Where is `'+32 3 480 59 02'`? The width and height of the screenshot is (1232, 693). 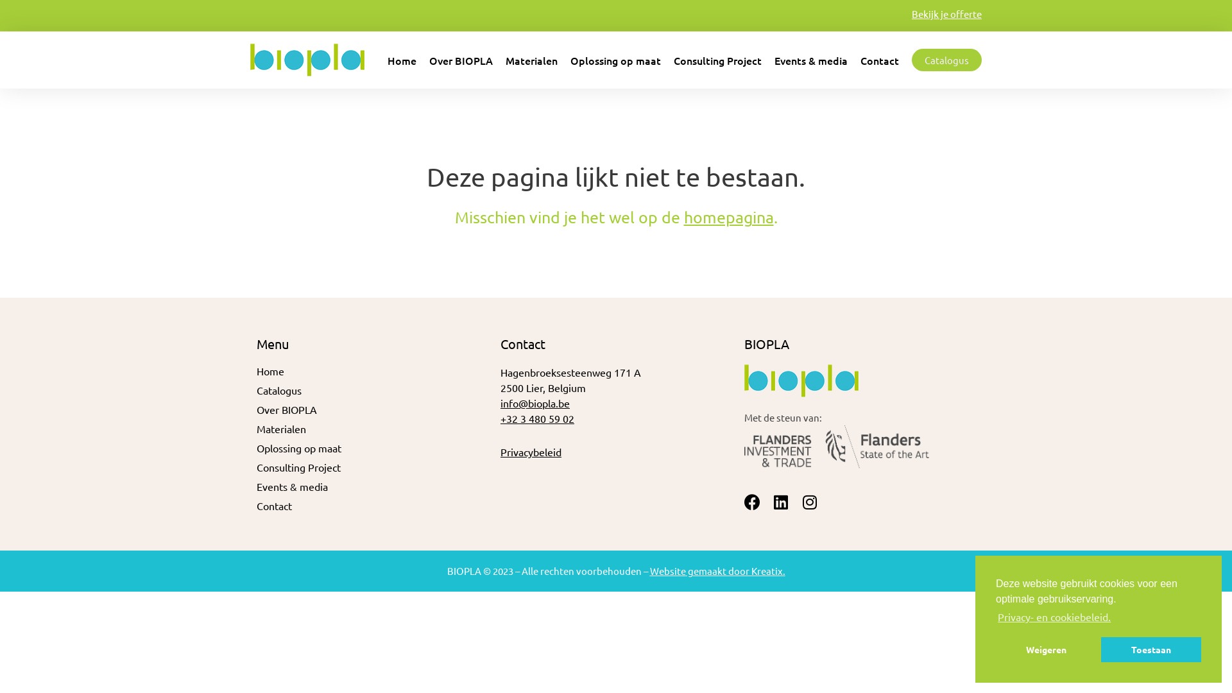
'+32 3 480 59 02' is located at coordinates (537, 418).